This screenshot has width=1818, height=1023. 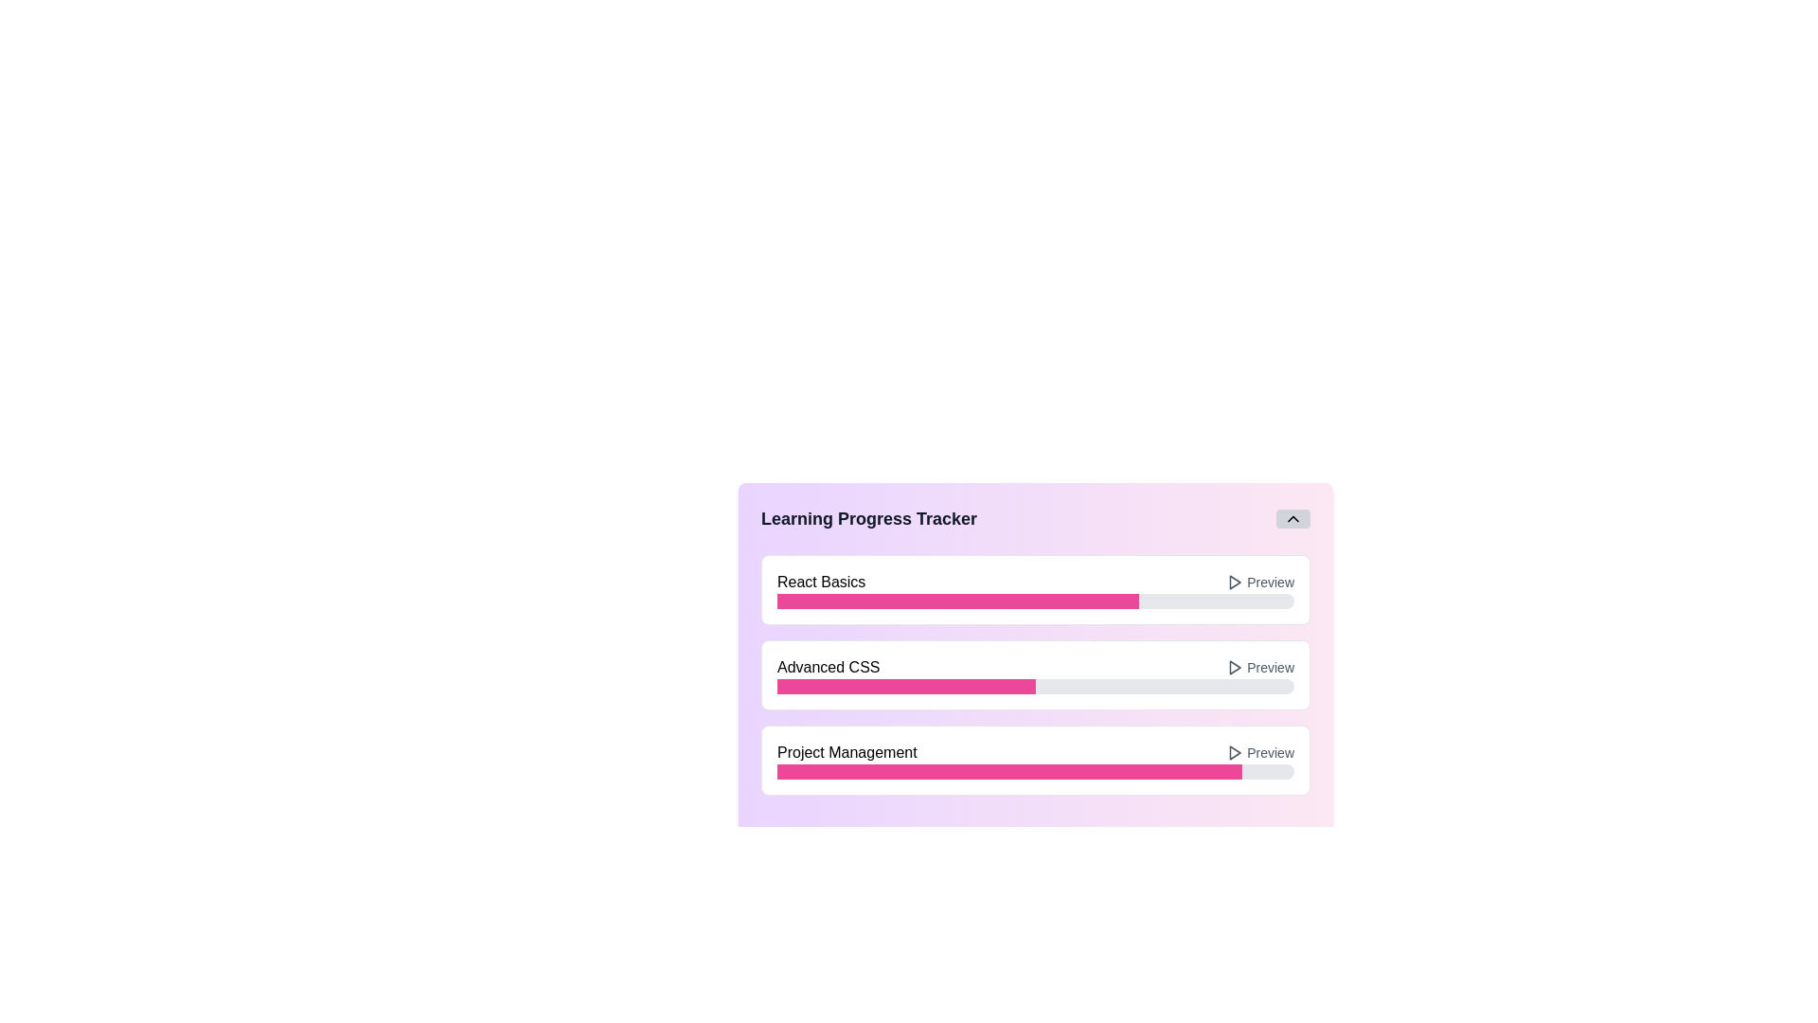 I want to click on the Text label indicating the option, so click(x=1271, y=667).